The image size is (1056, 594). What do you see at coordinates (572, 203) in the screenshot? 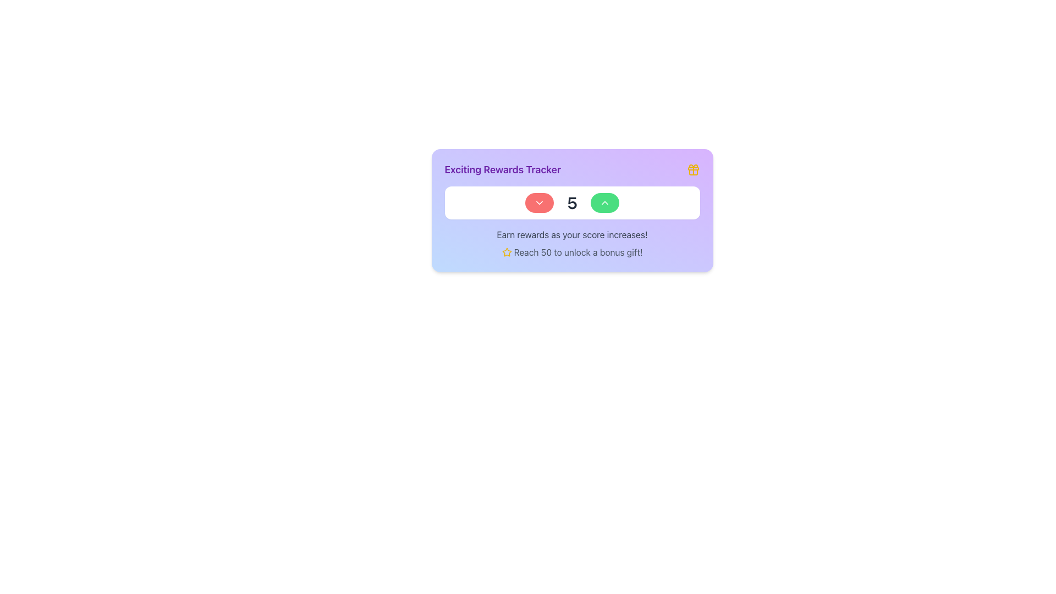
I see `the centered numerical display showing '5', styled with a bold, large font and dark color, which is located between the red decrement button and the green increment button` at bounding box center [572, 203].